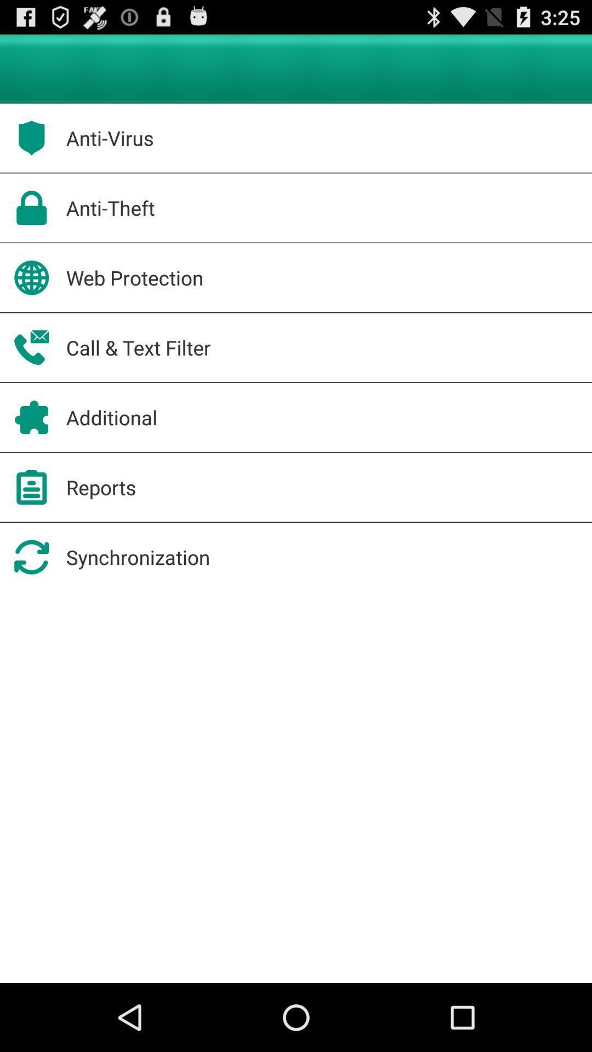 The height and width of the screenshot is (1052, 592). I want to click on additional app, so click(112, 417).